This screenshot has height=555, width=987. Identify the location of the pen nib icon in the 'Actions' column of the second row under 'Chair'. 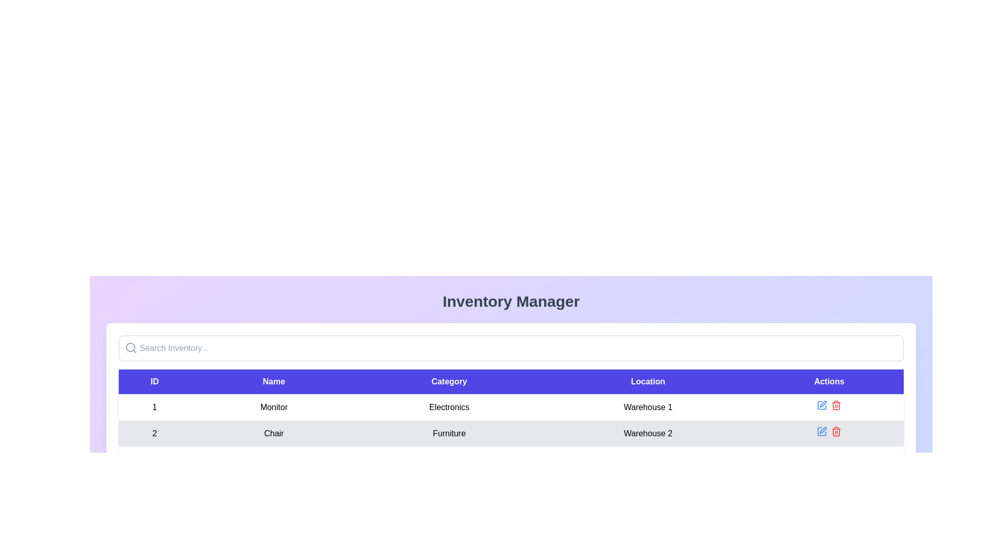
(823, 430).